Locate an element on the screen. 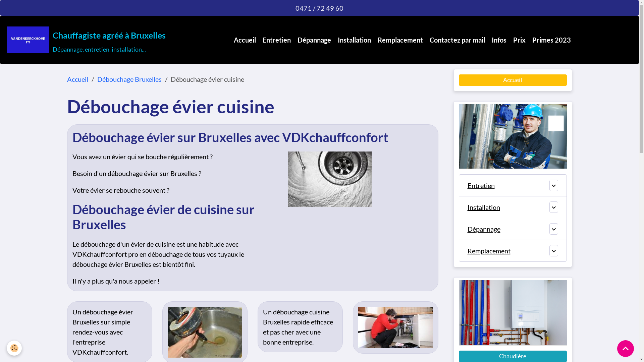 This screenshot has width=644, height=362. 'Accueil' is located at coordinates (77, 78).